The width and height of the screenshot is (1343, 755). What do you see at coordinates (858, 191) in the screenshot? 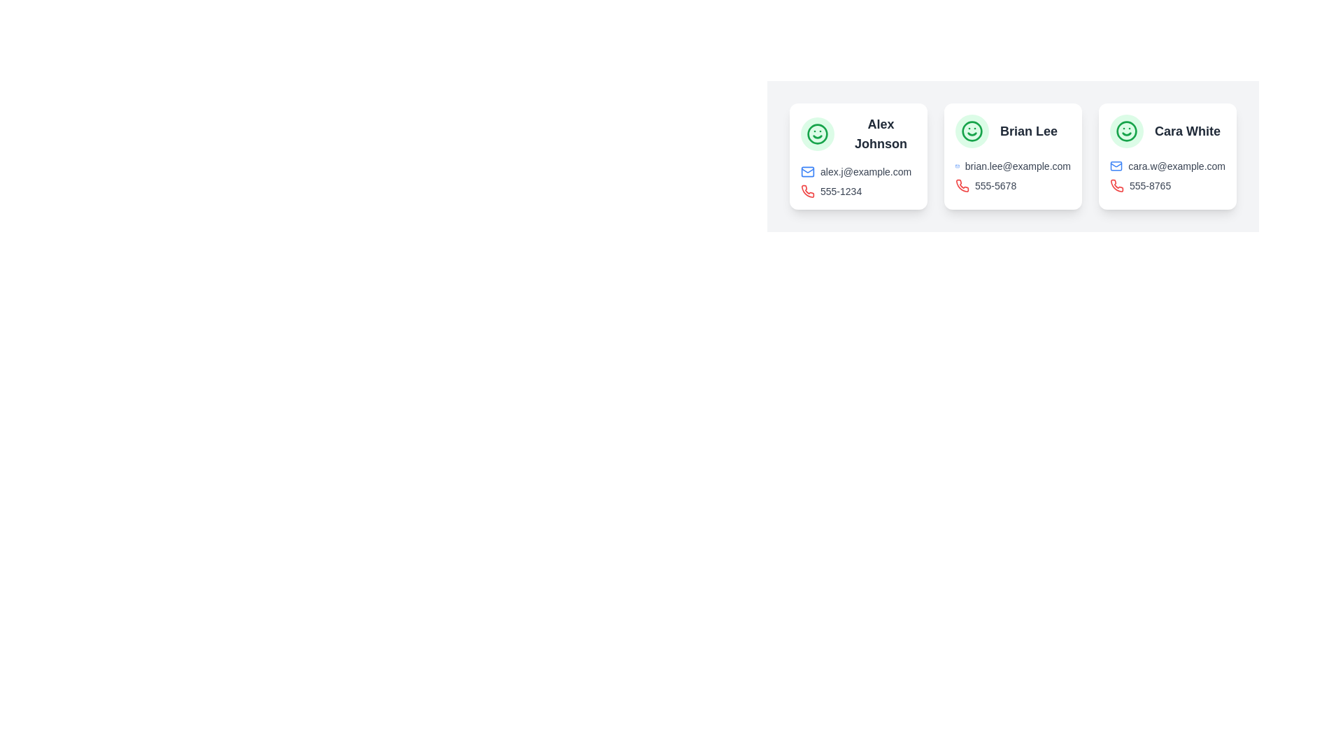
I see `the phone icon that is styled in bold red color and is located beside the phone number '555-1234' to associate it with calling functionality` at bounding box center [858, 191].